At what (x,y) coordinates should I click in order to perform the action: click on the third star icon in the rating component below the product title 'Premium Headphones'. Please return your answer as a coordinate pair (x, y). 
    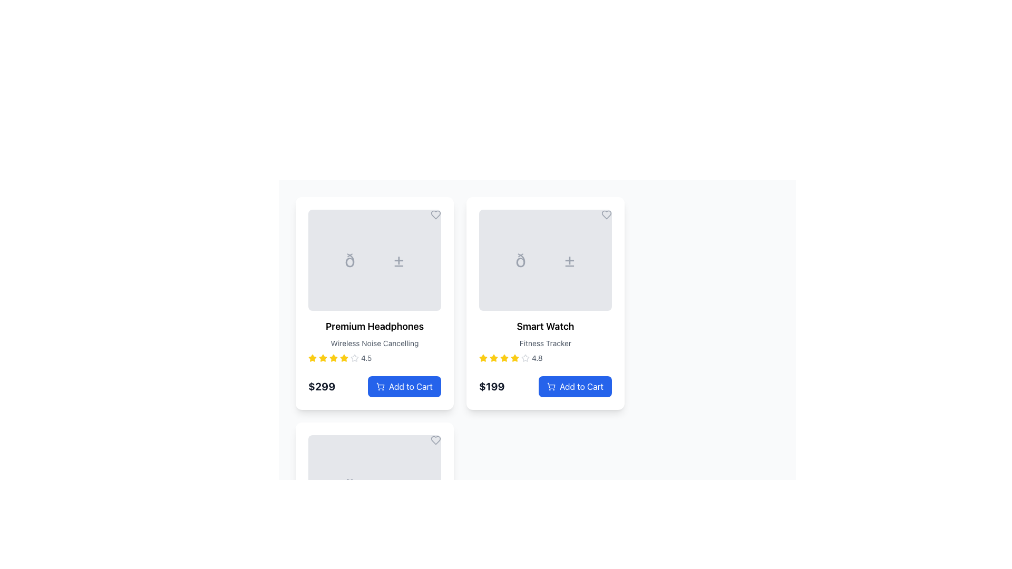
    Looking at the image, I should click on (323, 357).